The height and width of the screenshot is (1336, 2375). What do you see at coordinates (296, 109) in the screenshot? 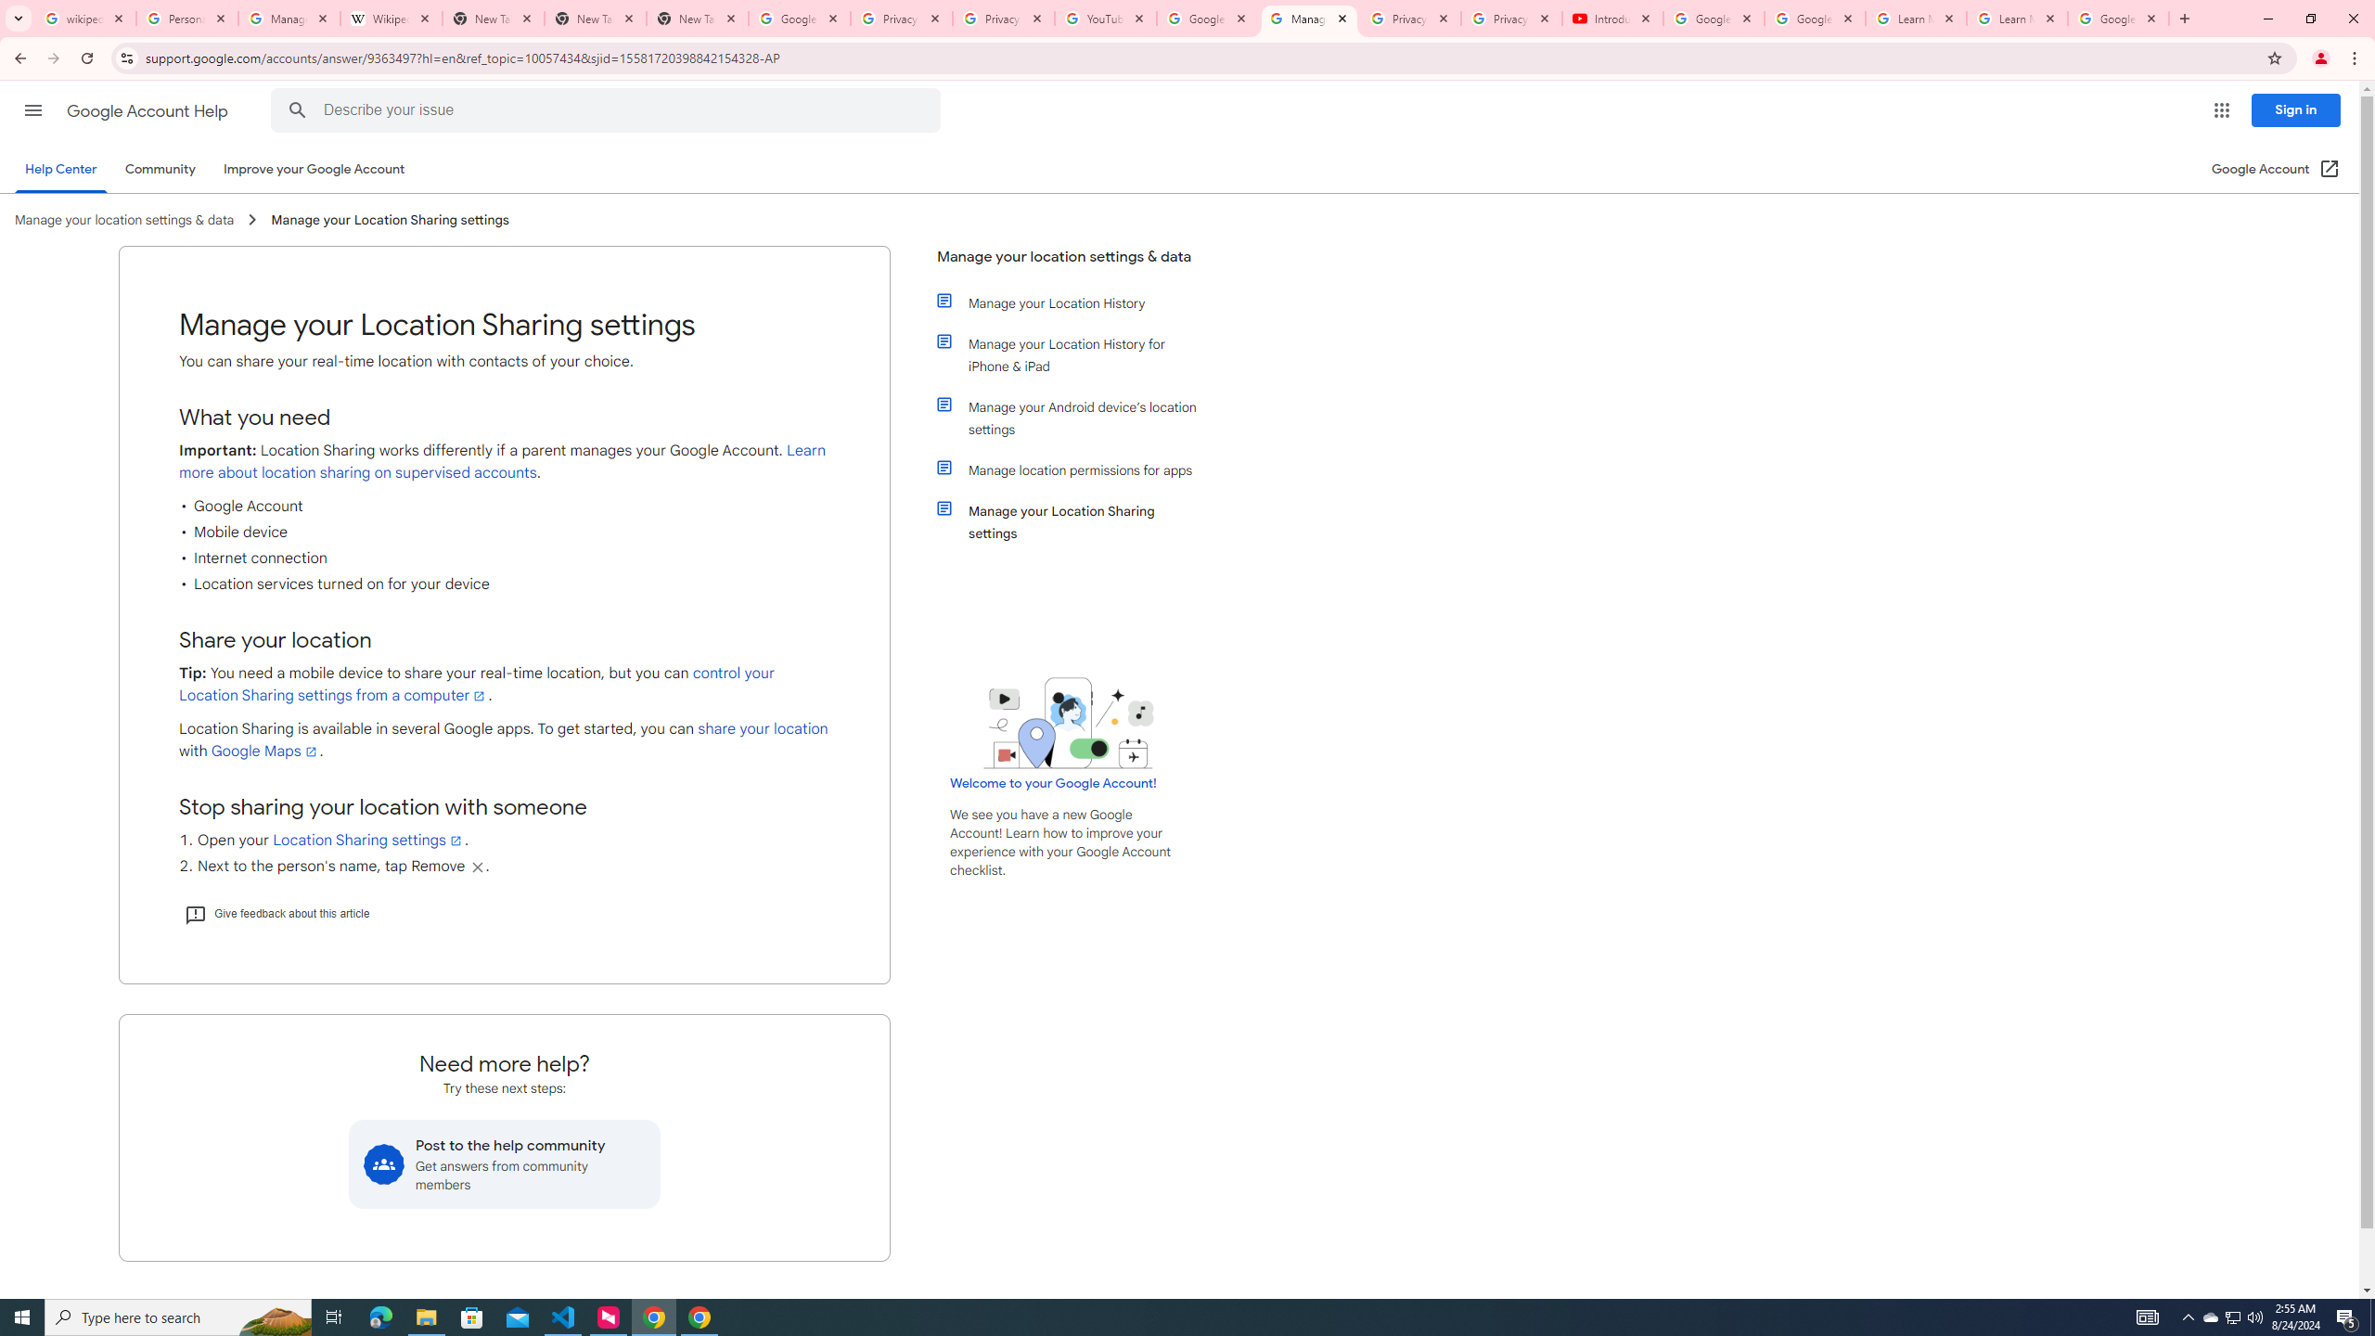
I see `'Search Help Center'` at bounding box center [296, 109].